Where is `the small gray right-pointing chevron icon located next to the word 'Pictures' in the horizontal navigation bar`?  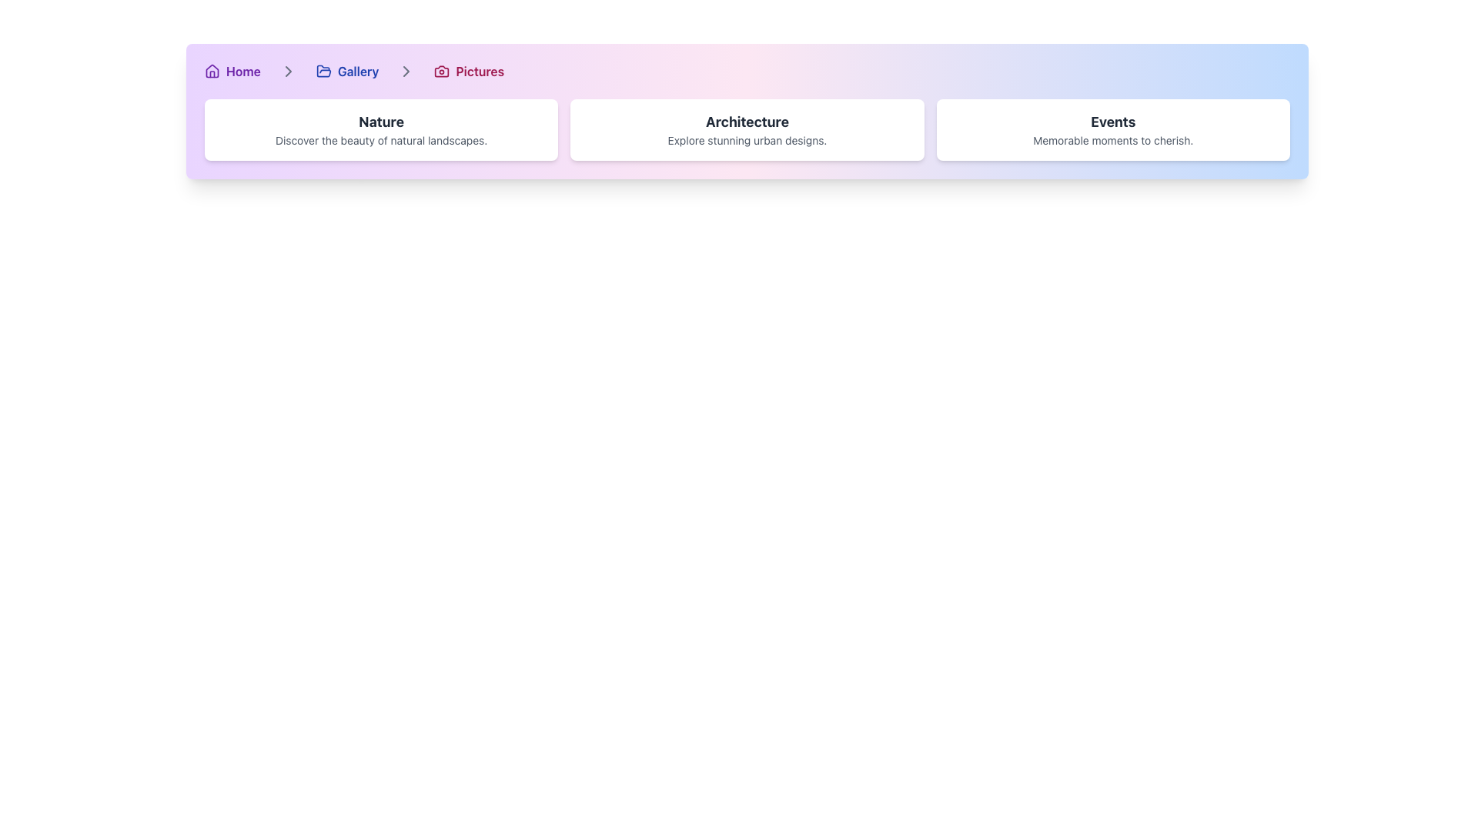 the small gray right-pointing chevron icon located next to the word 'Pictures' in the horizontal navigation bar is located at coordinates (406, 71).